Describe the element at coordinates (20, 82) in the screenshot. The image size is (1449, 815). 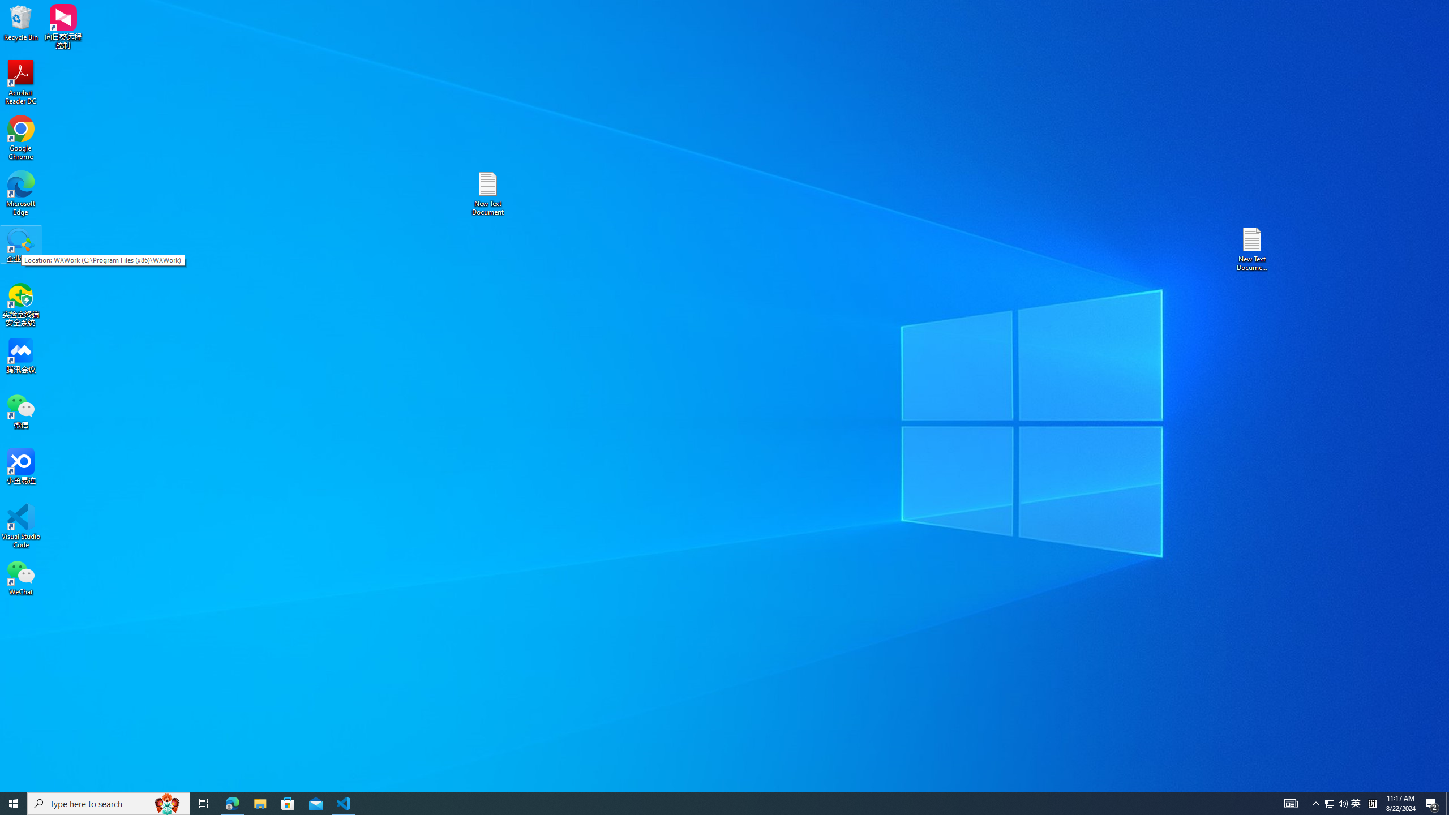
I see `'Acrobat Reader DC'` at that location.